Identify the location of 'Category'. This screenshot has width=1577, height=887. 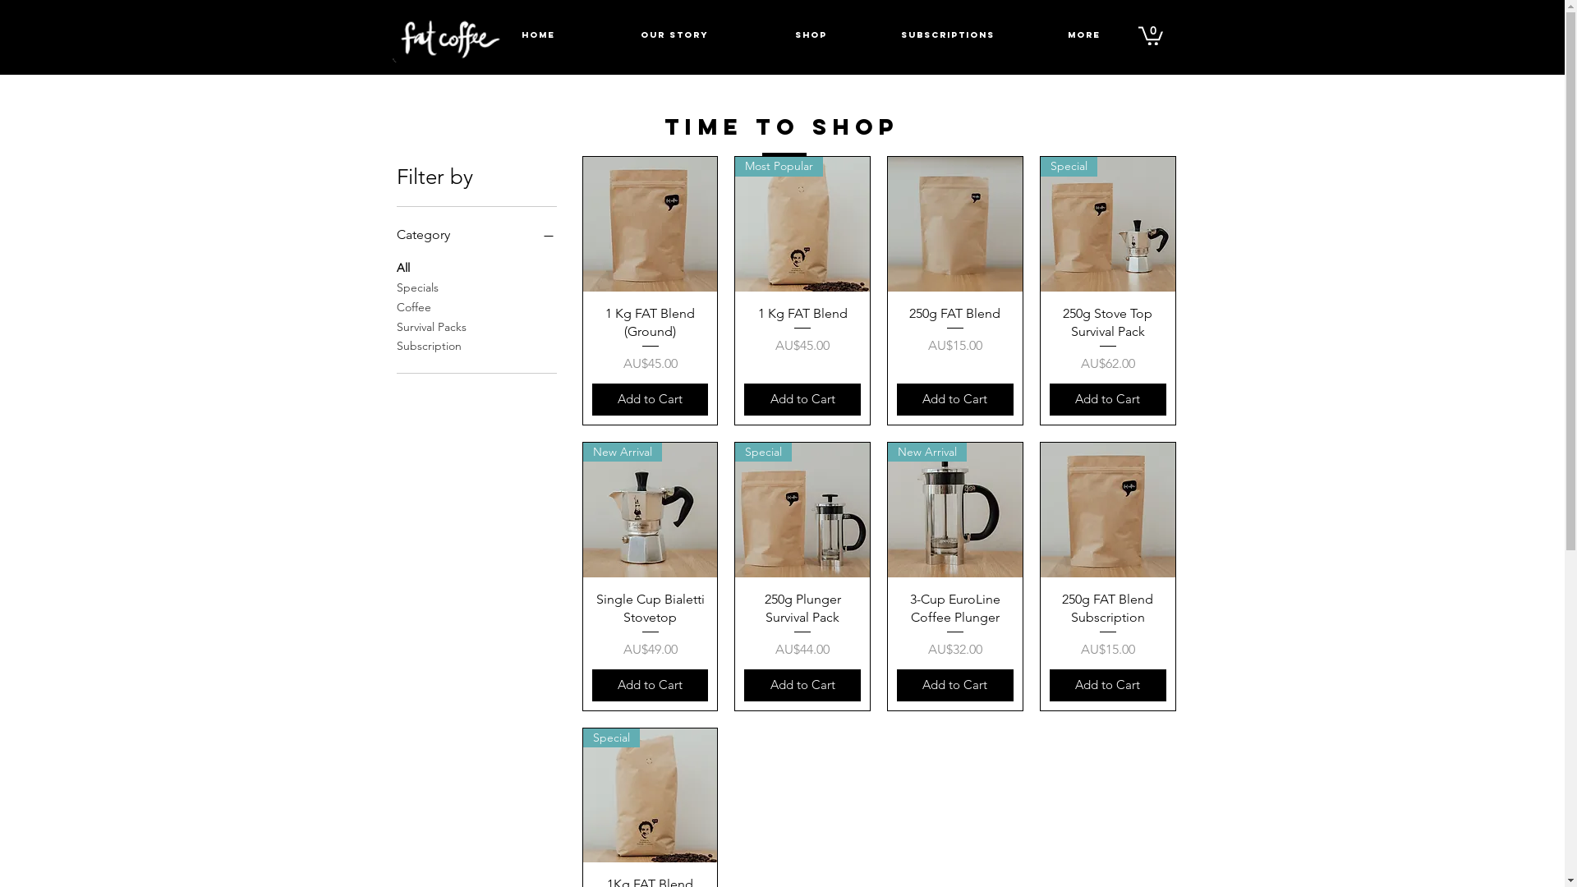
(475, 234).